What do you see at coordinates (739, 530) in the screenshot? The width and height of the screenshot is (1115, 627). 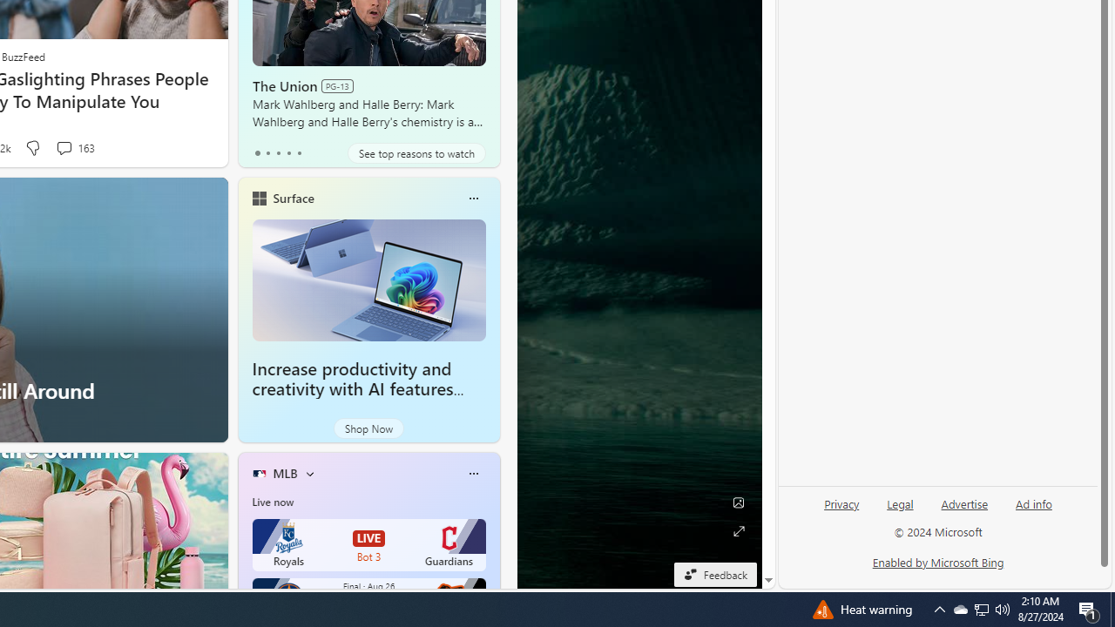 I see `'Expand background'` at bounding box center [739, 530].